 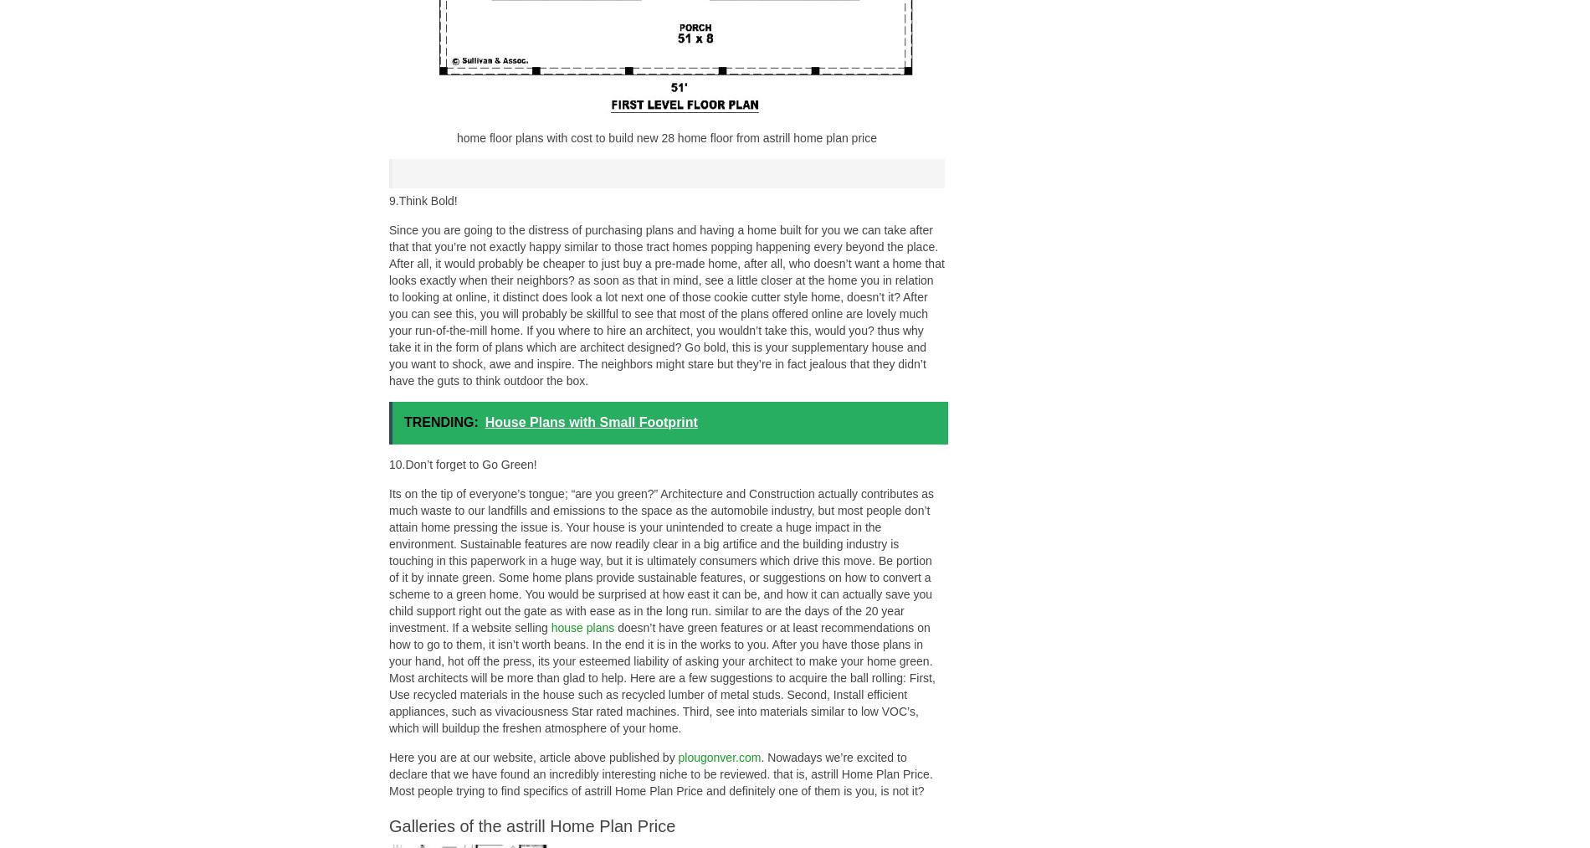 What do you see at coordinates (457, 138) in the screenshot?
I see `'home floor plans with cost to build new 28 home floor from astrill home plan price'` at bounding box center [457, 138].